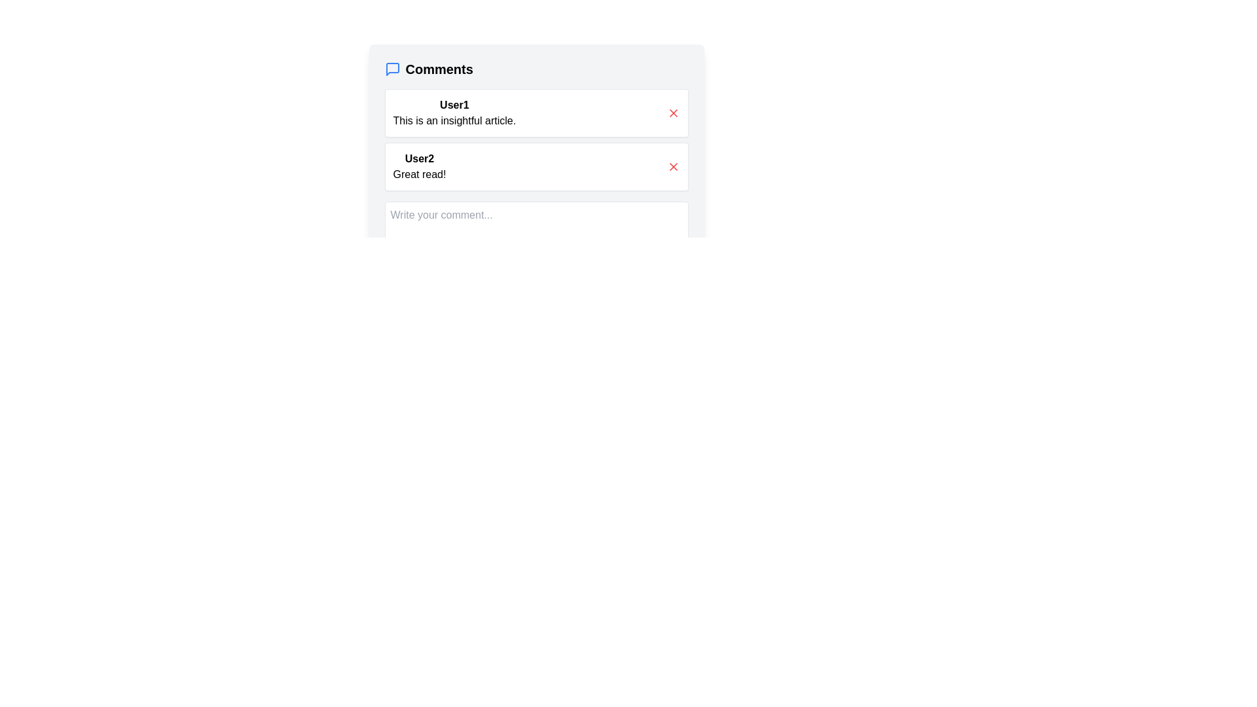 This screenshot has height=707, width=1257. What do you see at coordinates (673, 166) in the screenshot?
I see `the 'x' icon button located at the upper-right corner of the comment box containing the text 'Great read!' by 'User2' to observe the hover-specific style changes` at bounding box center [673, 166].